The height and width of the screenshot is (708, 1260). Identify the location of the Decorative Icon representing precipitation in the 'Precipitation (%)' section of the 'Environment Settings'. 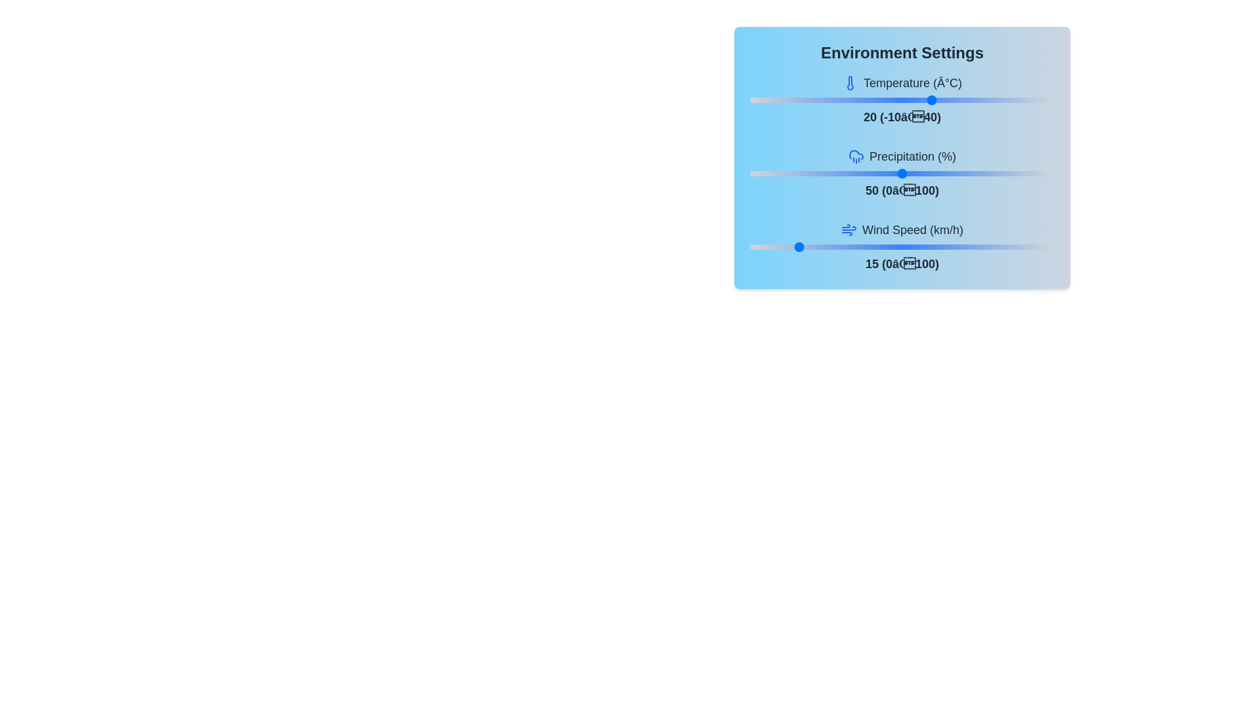
(856, 156).